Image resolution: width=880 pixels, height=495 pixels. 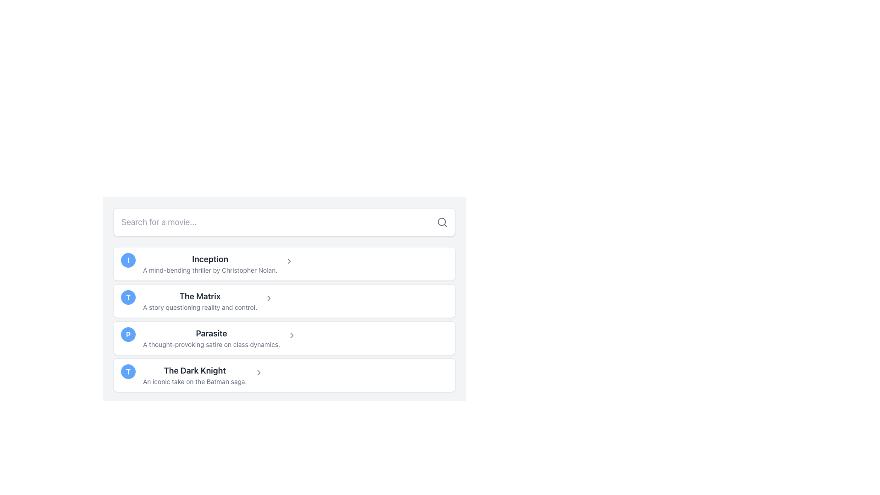 What do you see at coordinates (258, 373) in the screenshot?
I see `the right-pointing chevron icon in the interactive list item for 'The Dark Knight' to interact with the list item` at bounding box center [258, 373].